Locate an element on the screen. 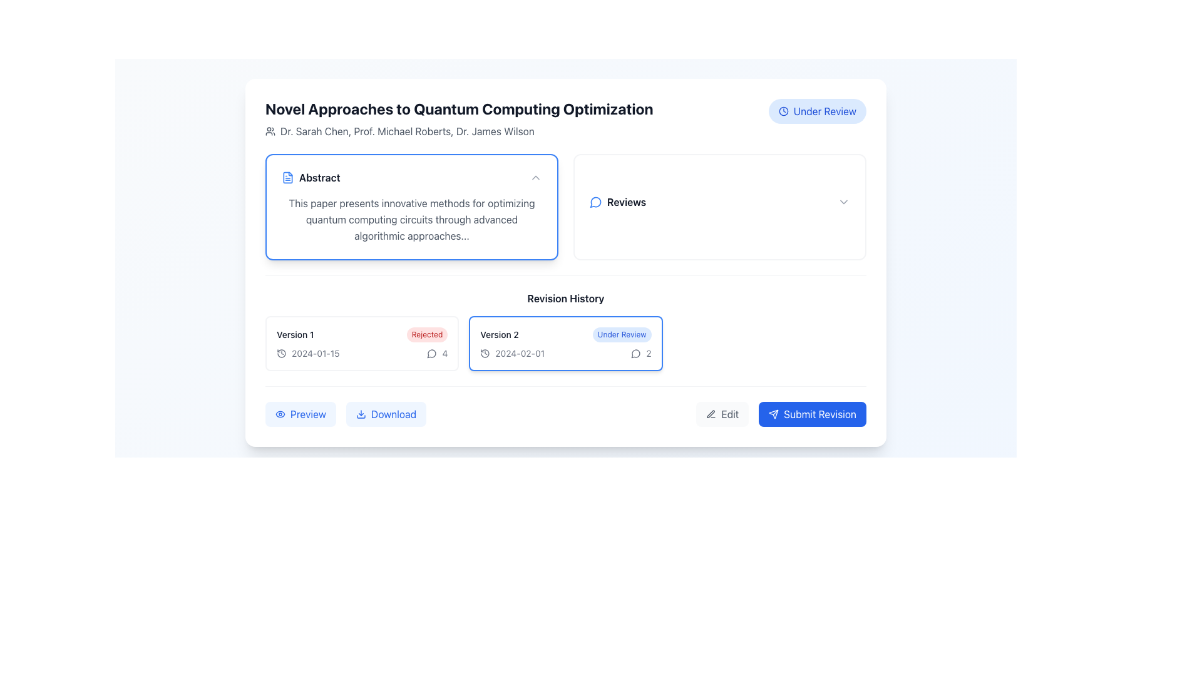 The width and height of the screenshot is (1202, 676). text content of the label displaying 'Dr. Sarah Chen, Prof. Michael Roberts, Dr. James Wilson' located in the top-left section below the title 'Novel Approaches to Quantum Computing Optimization' is located at coordinates (407, 131).